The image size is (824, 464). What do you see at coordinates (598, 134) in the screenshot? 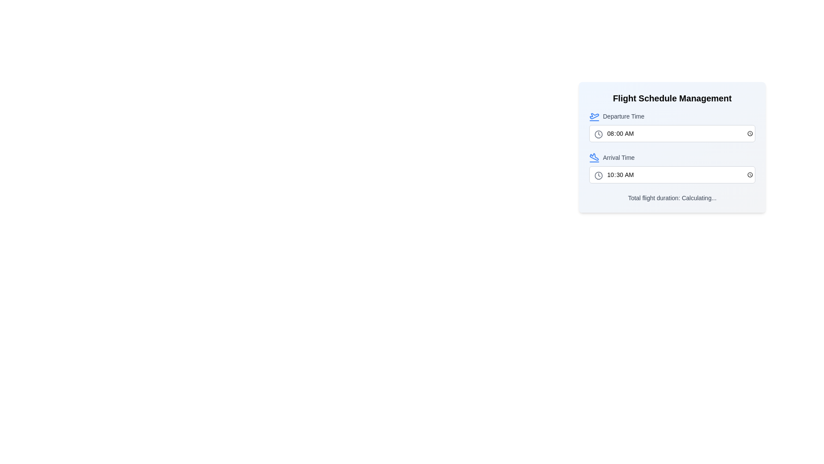
I see `the circular SVG icon component located next to the '08:00 AM' label in the 'Departure Time' section` at bounding box center [598, 134].